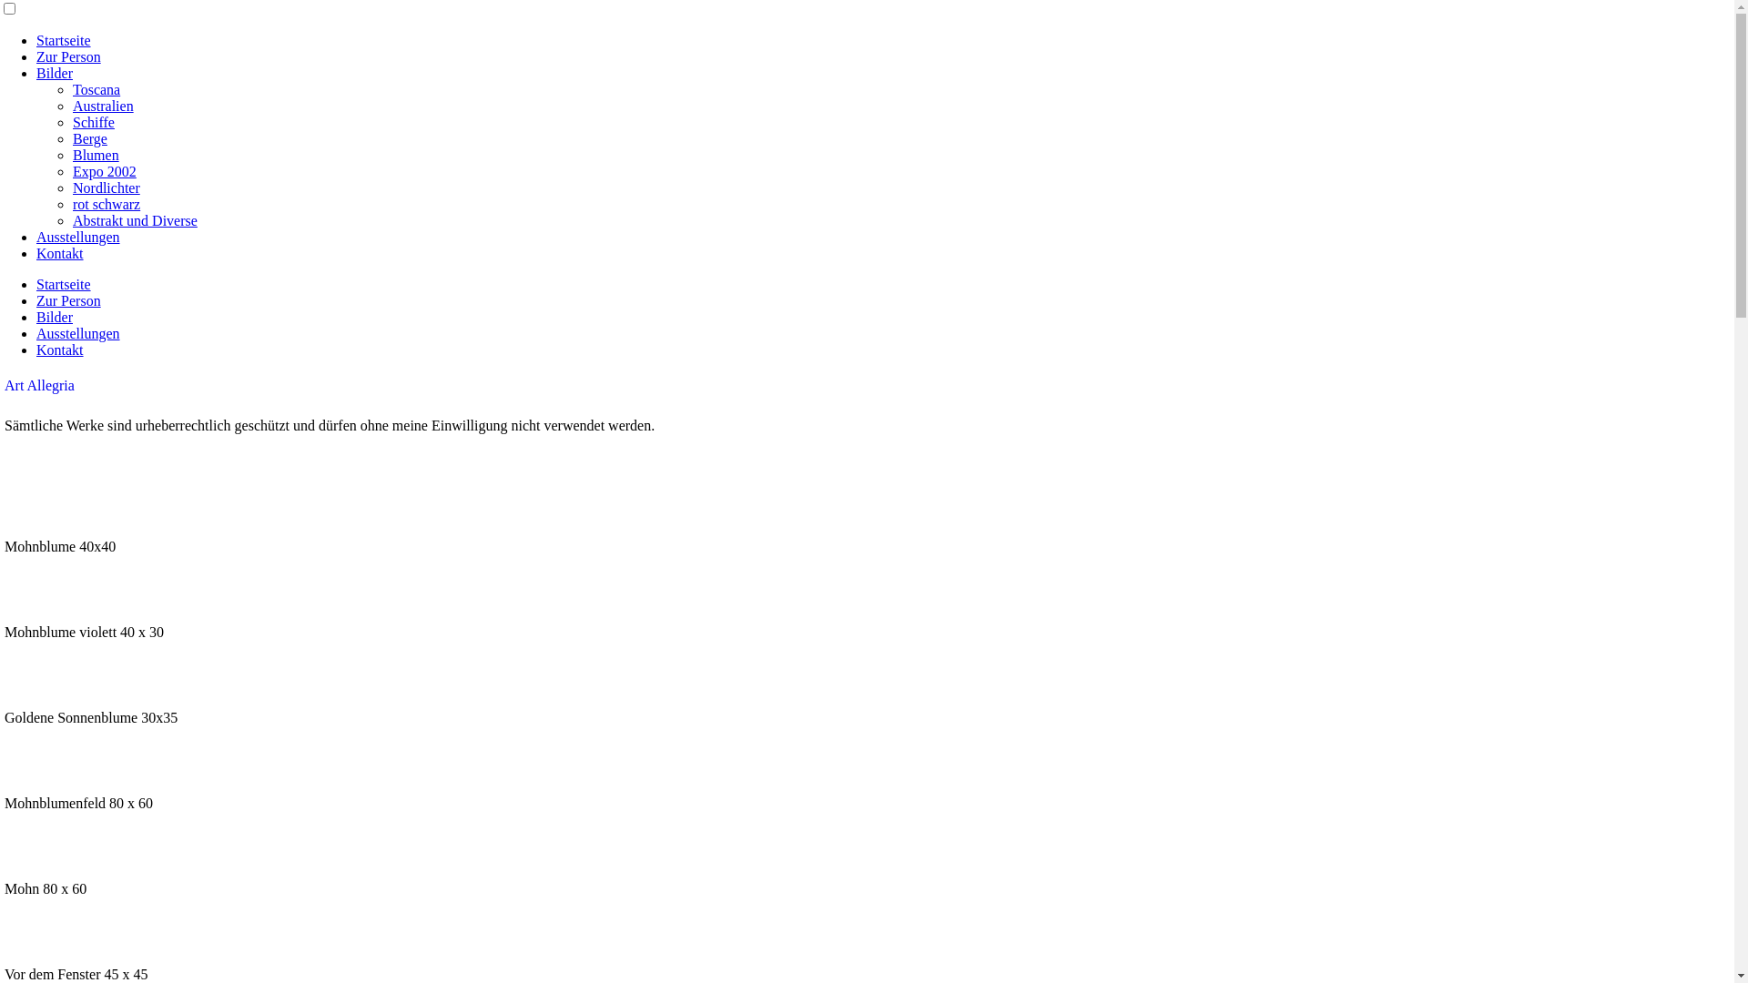  I want to click on 'Zur Person', so click(68, 56).